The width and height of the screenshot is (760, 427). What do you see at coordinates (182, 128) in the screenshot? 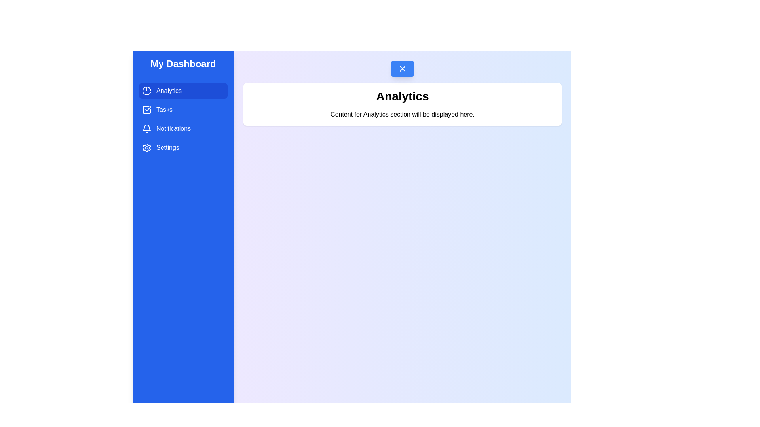
I see `the Notifications tab from the drawer menu` at bounding box center [182, 128].